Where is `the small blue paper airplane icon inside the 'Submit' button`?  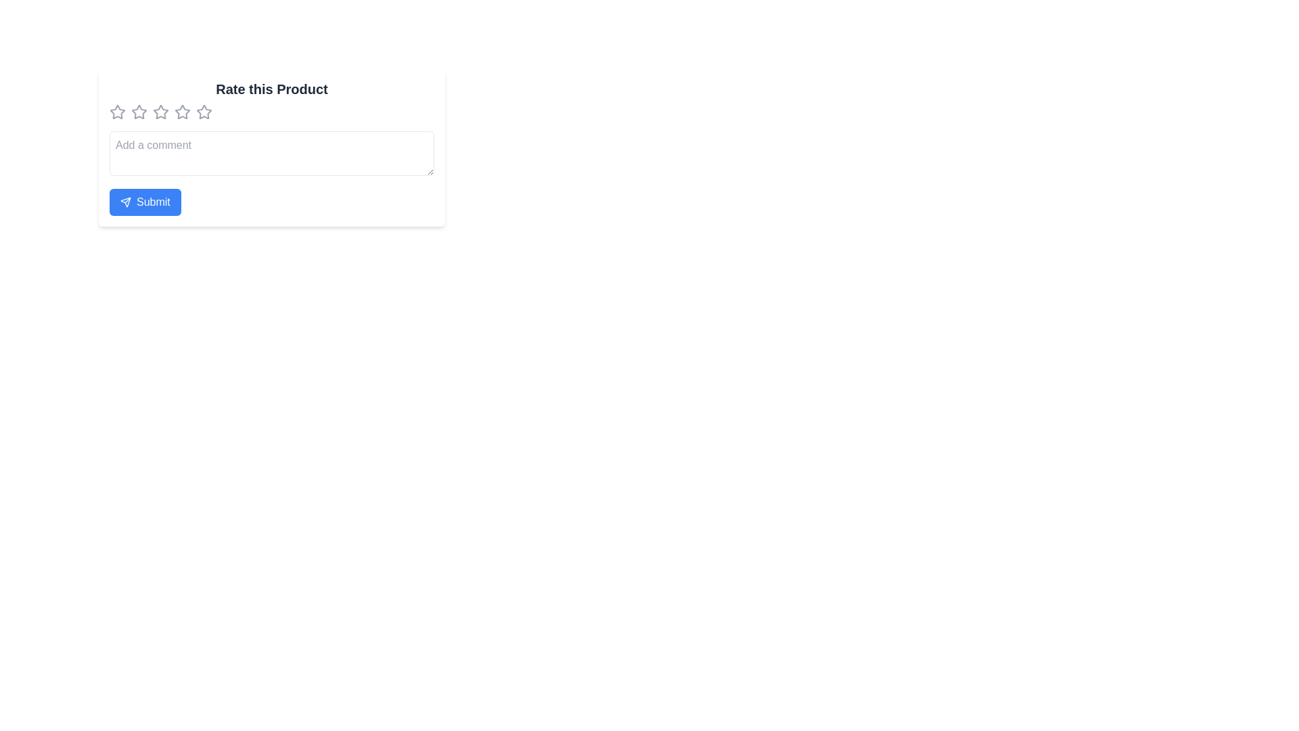
the small blue paper airplane icon inside the 'Submit' button is located at coordinates (126, 202).